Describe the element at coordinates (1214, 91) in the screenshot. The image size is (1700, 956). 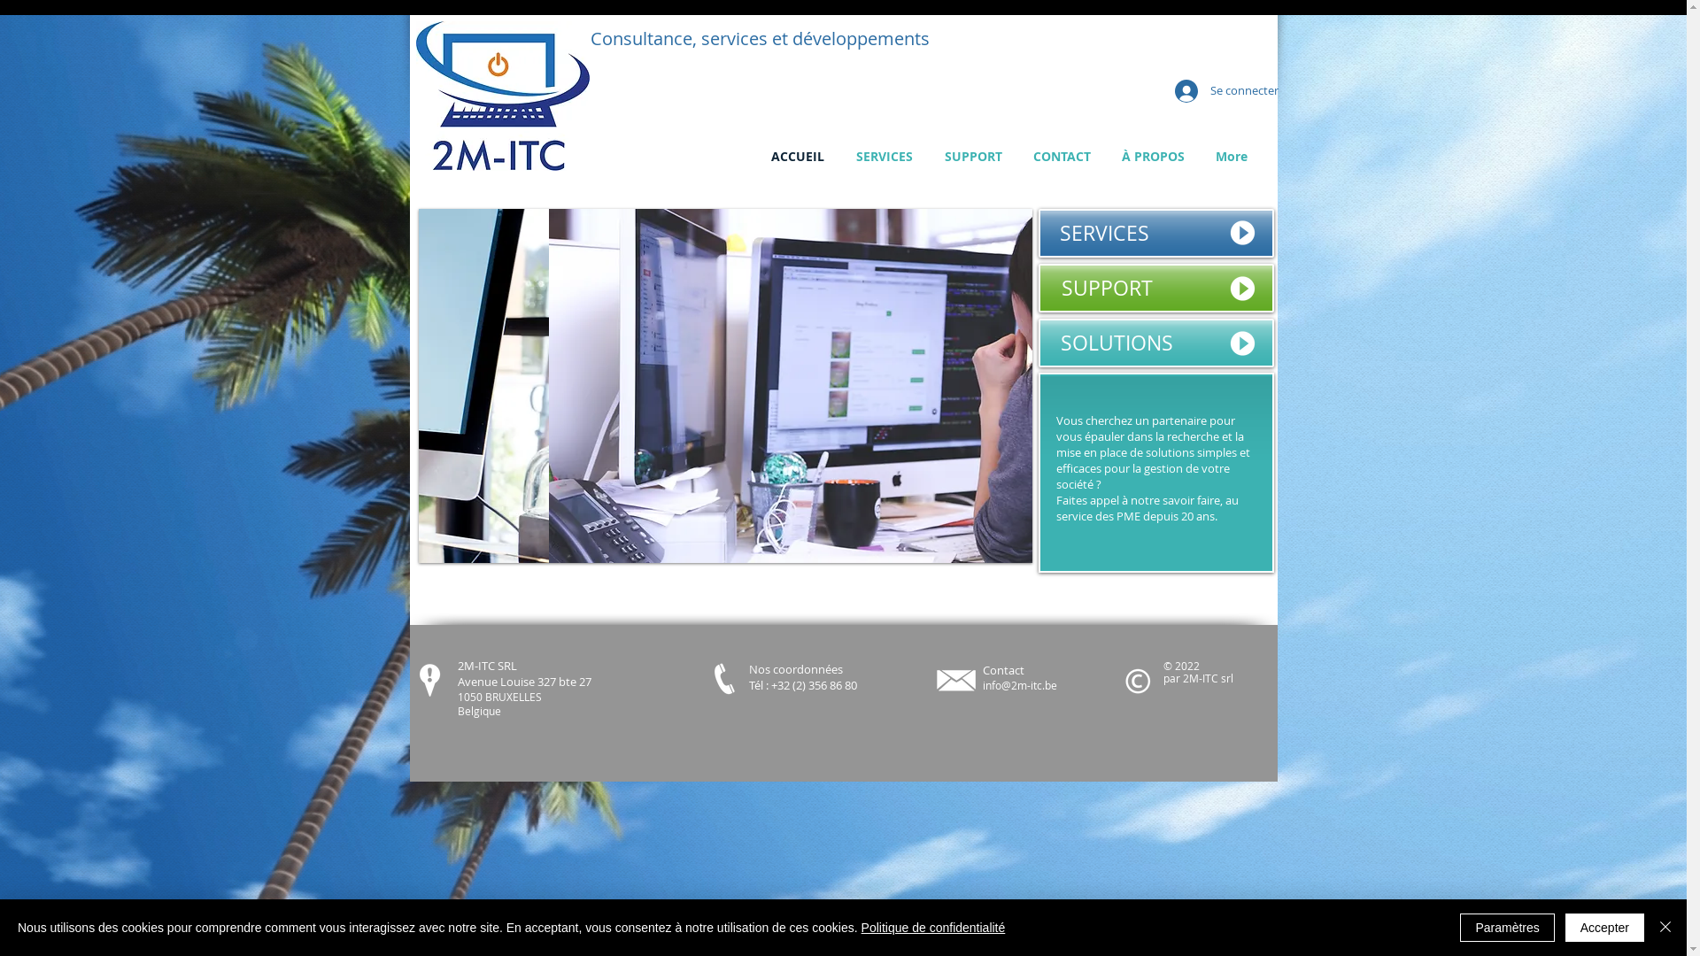
I see `'Se connecter'` at that location.